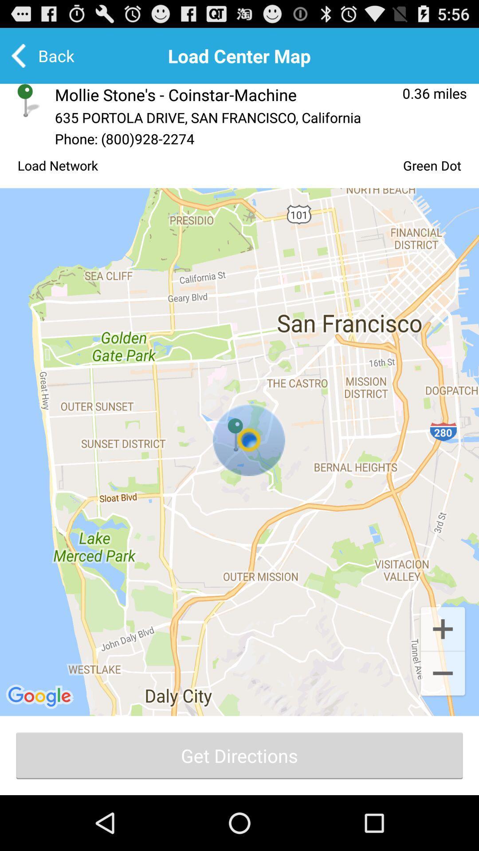 Image resolution: width=479 pixels, height=851 pixels. Describe the element at coordinates (239, 755) in the screenshot. I see `the last button` at that location.